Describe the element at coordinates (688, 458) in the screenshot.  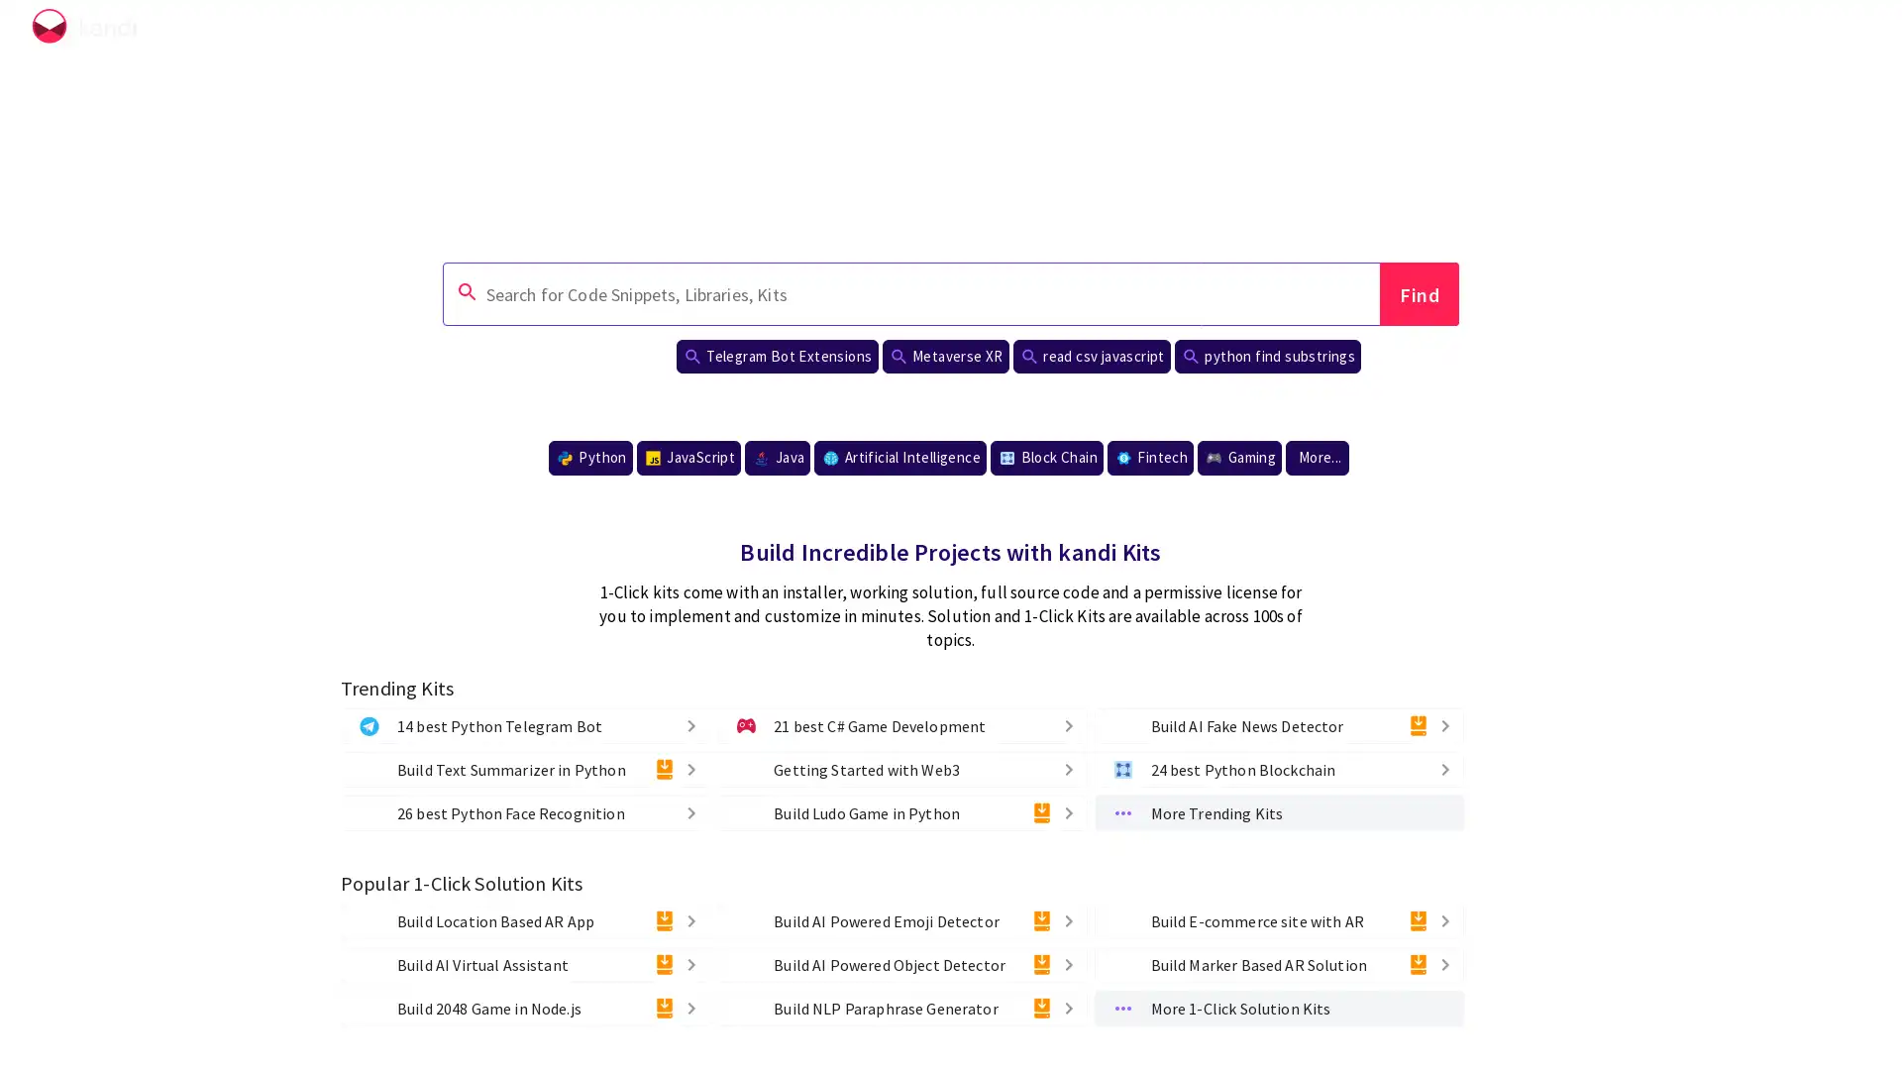
I see `javascript icon JavaScript` at that location.